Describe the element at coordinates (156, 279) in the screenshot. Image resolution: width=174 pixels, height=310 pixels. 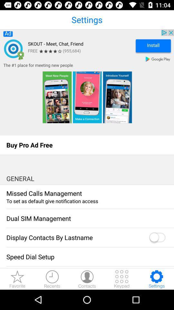
I see `settings icon at the bottom of the page` at that location.